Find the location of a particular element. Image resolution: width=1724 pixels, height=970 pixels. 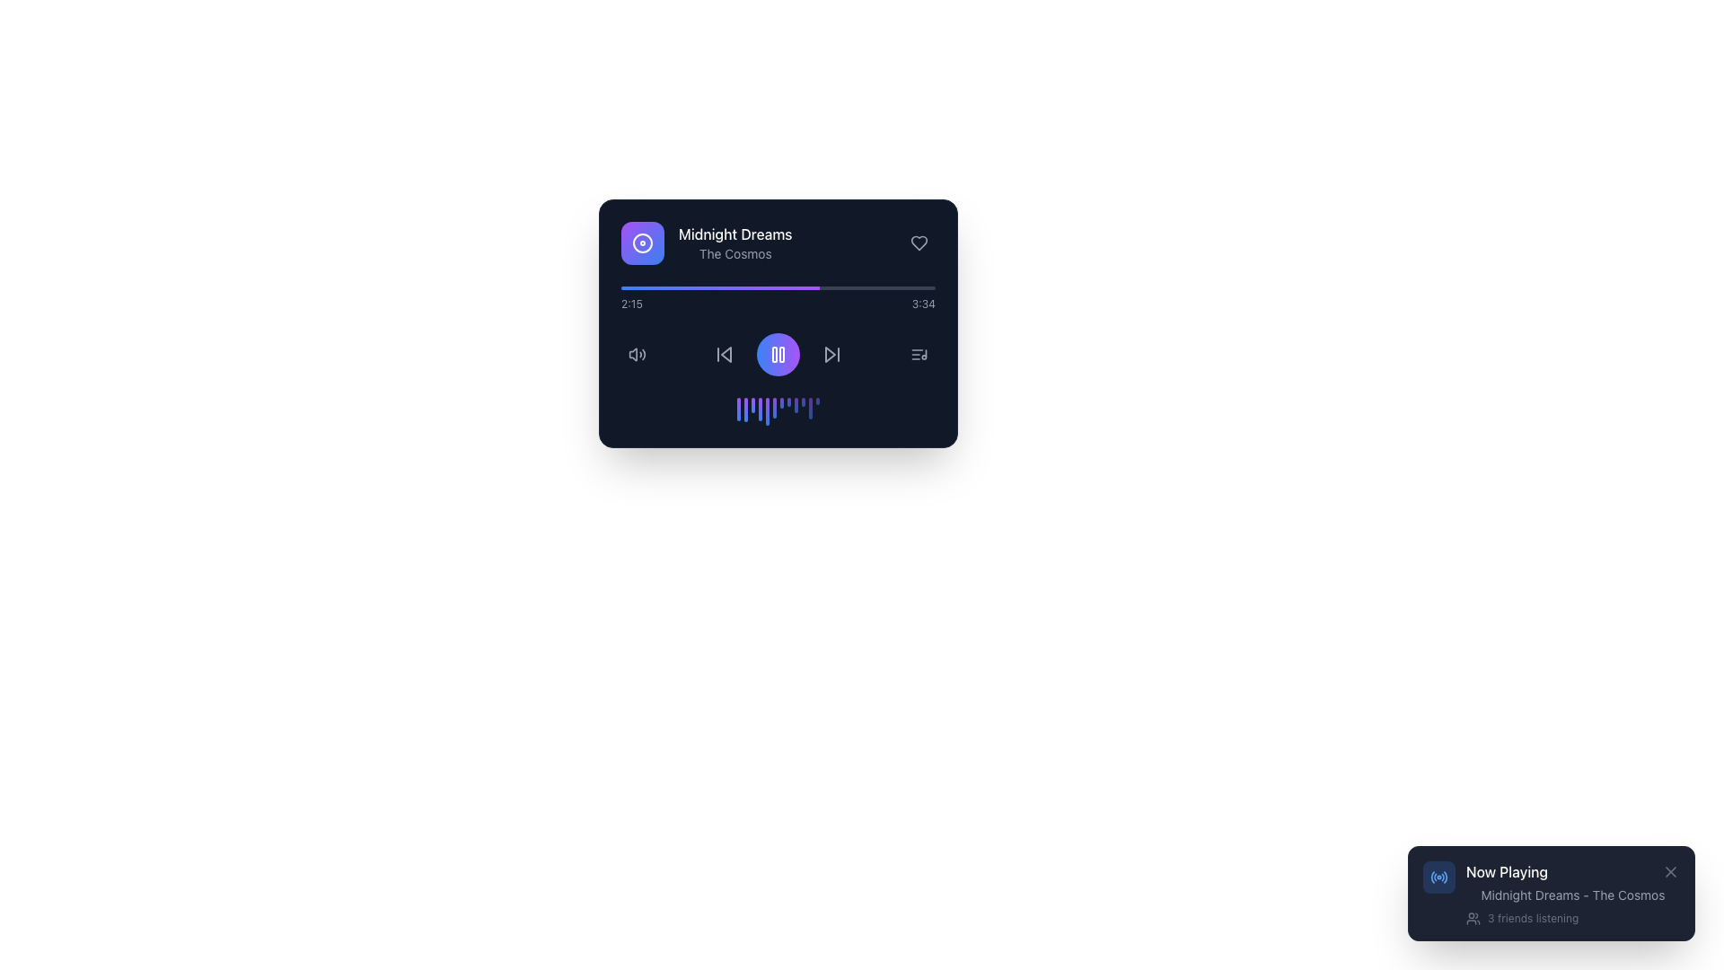

the heart-shaped icon in the upper-right corner of the music player interface to like the currently playing song is located at coordinates (919, 242).